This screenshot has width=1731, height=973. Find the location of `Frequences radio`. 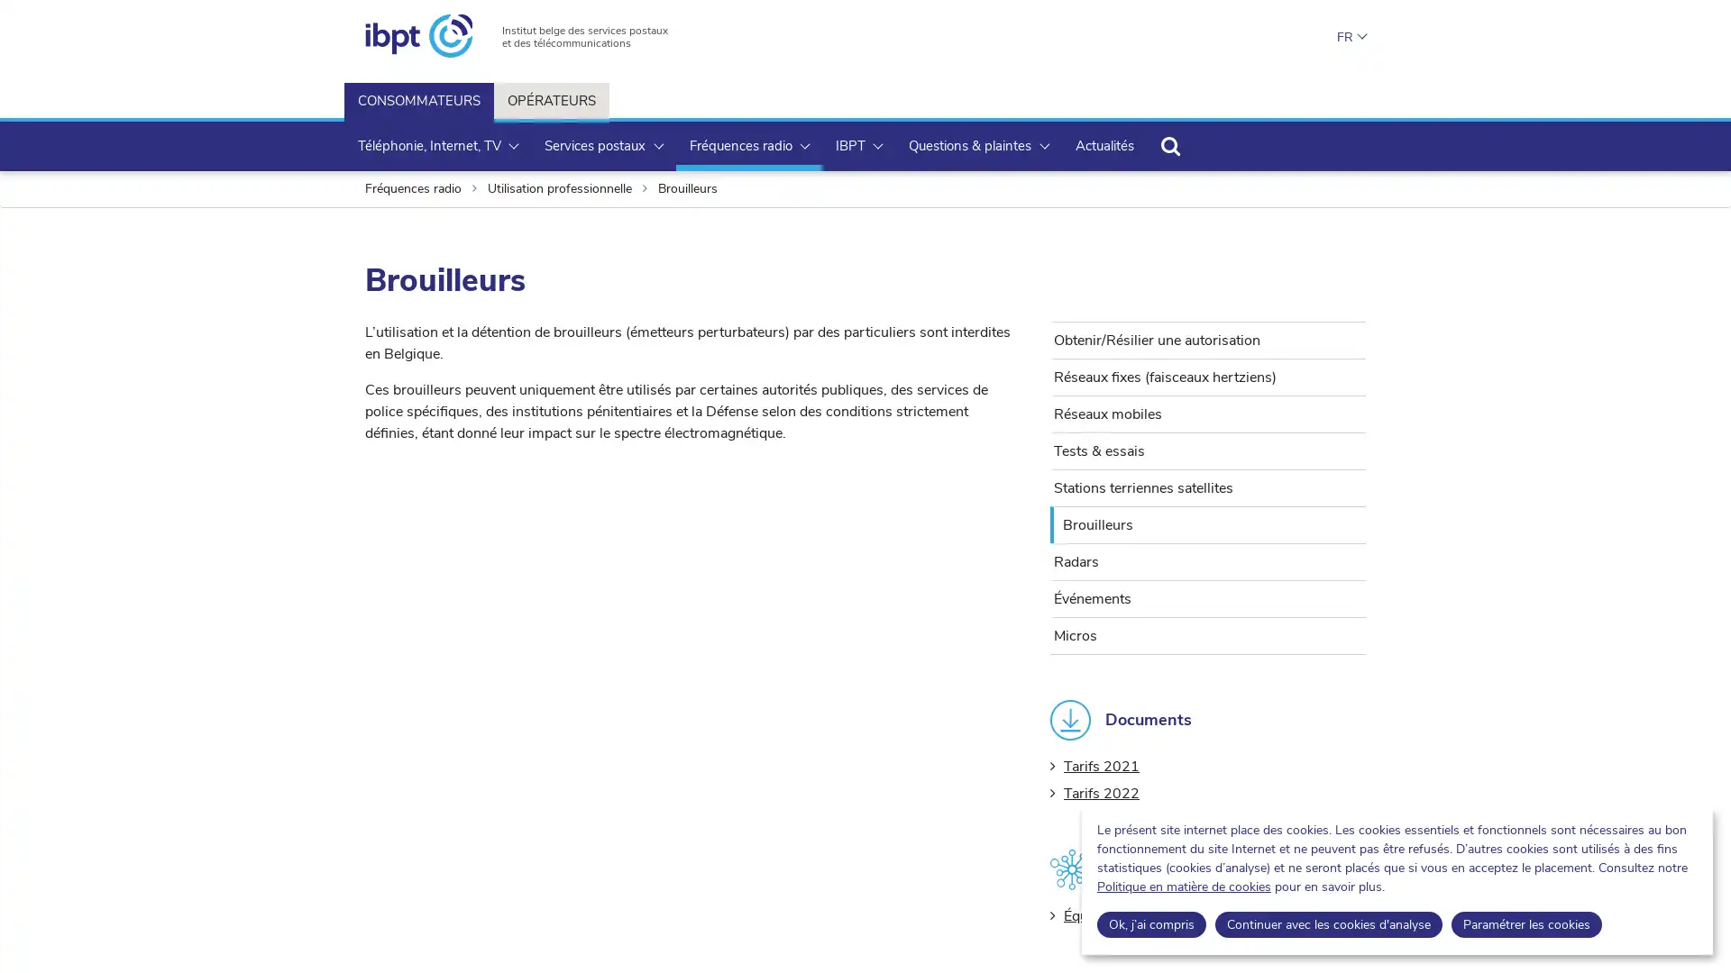

Frequences radio is located at coordinates (748, 145).